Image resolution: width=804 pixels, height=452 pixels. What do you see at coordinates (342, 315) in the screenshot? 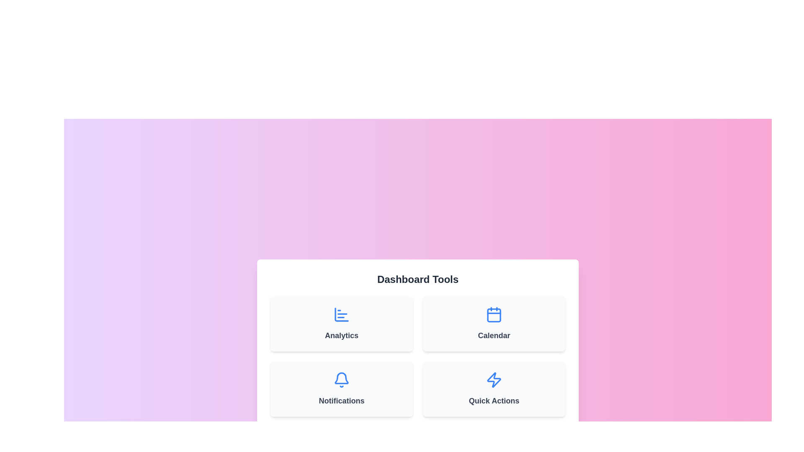
I see `the 'Analytics' Icon located in the upper section of the 'Analytics' card, which triggers data-related features or insights` at bounding box center [342, 315].